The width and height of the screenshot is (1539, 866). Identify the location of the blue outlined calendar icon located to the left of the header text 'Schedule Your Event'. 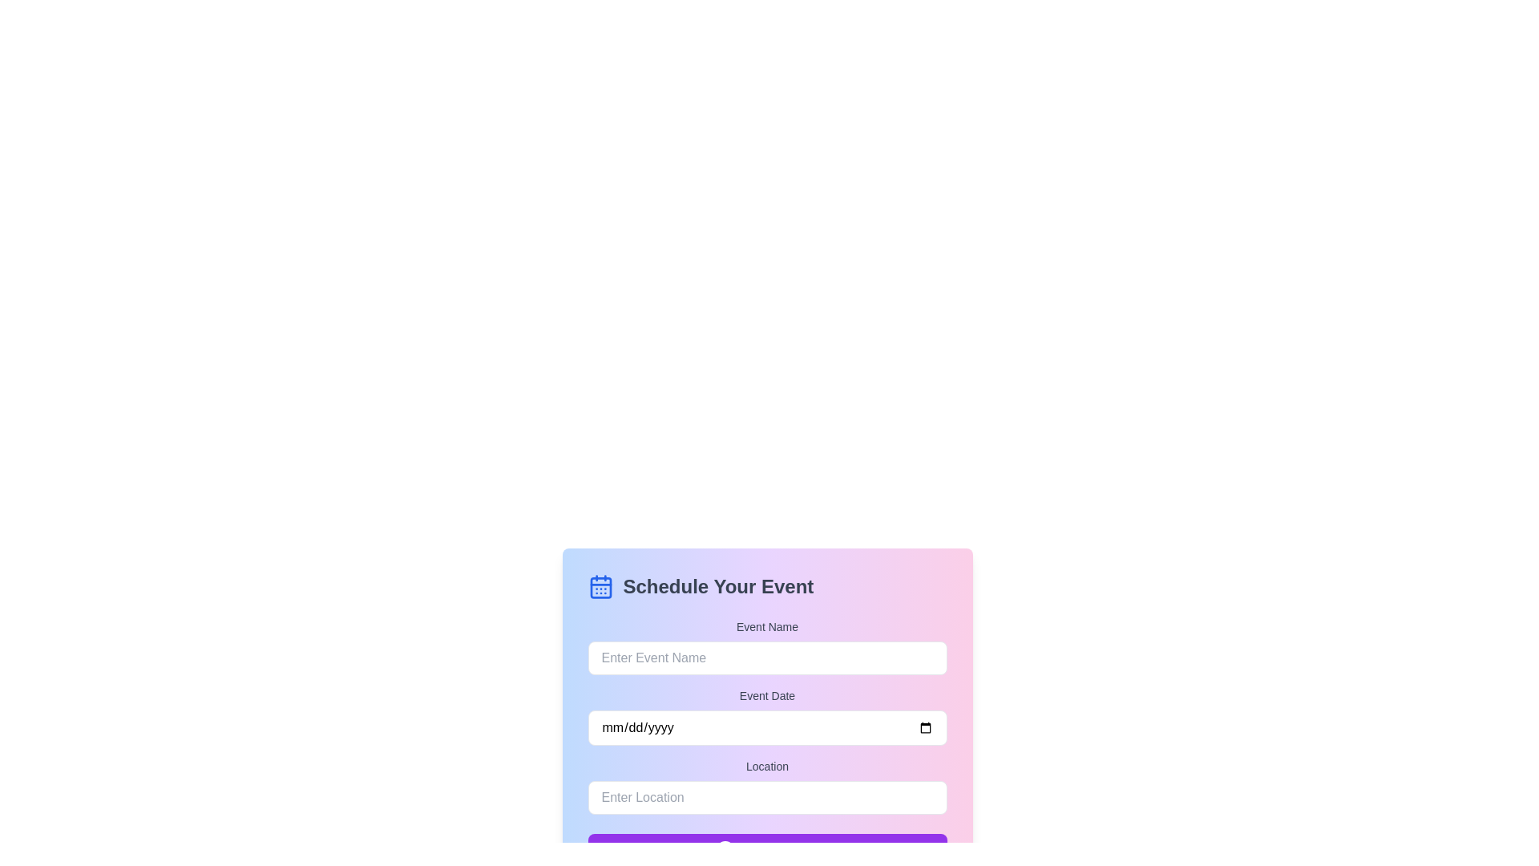
(600, 587).